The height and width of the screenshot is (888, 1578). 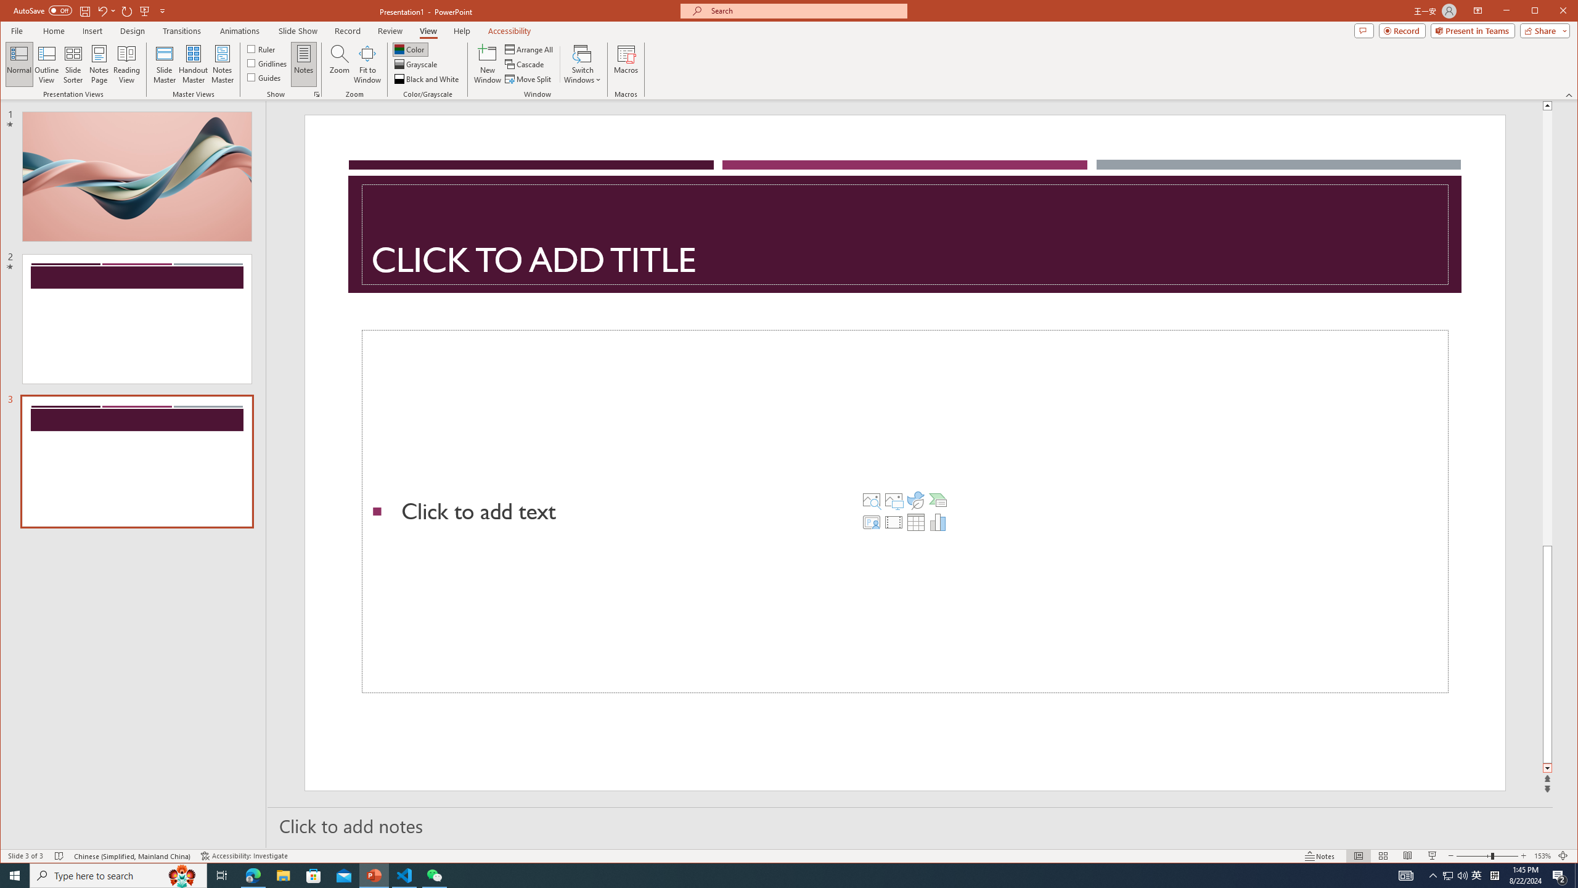 What do you see at coordinates (264, 77) in the screenshot?
I see `'Guides'` at bounding box center [264, 77].